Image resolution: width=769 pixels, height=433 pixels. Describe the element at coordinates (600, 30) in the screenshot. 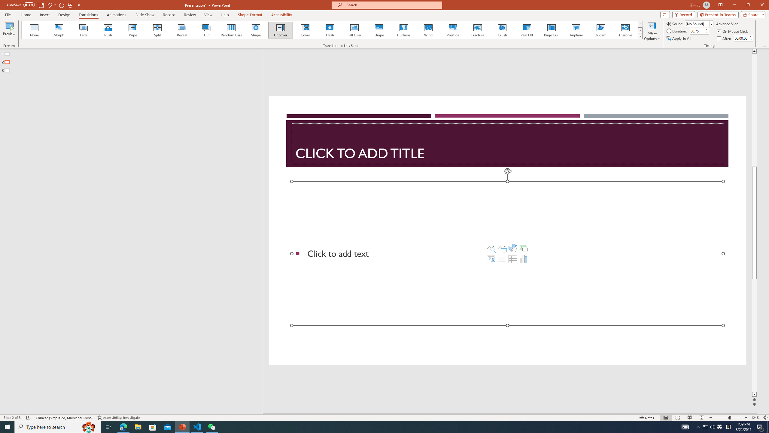

I see `'Origami'` at that location.